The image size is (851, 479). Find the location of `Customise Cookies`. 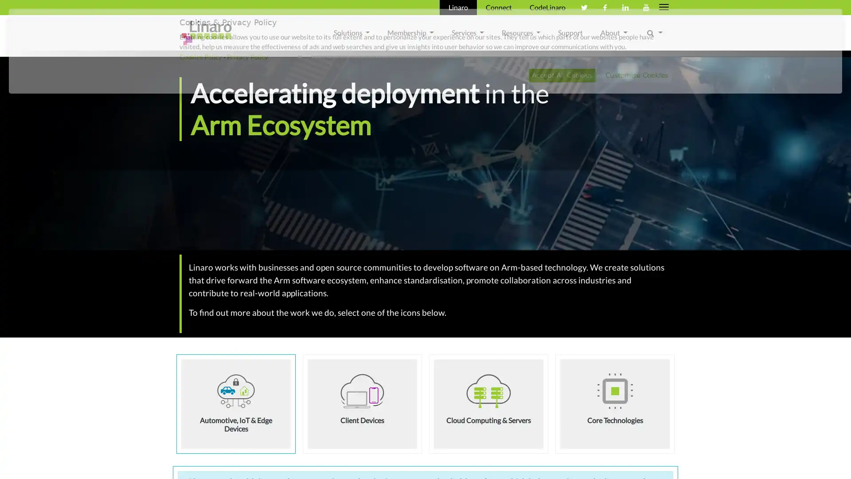

Customise Cookies is located at coordinates (636, 75).